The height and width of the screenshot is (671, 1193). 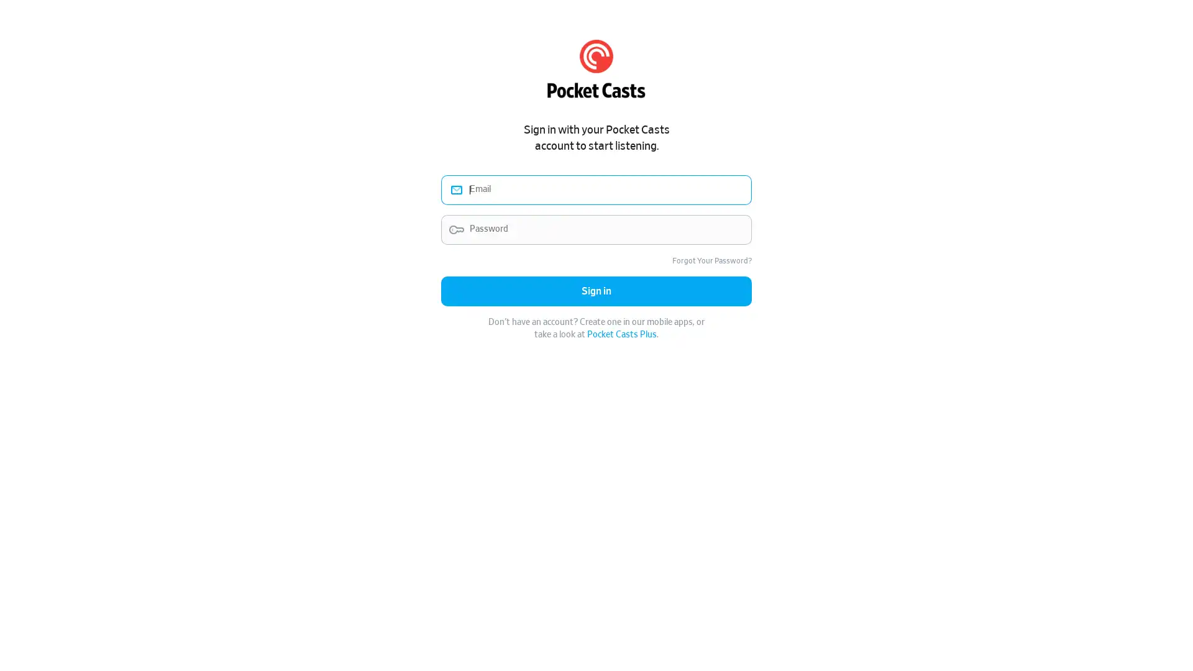 I want to click on Sign in, so click(x=596, y=291).